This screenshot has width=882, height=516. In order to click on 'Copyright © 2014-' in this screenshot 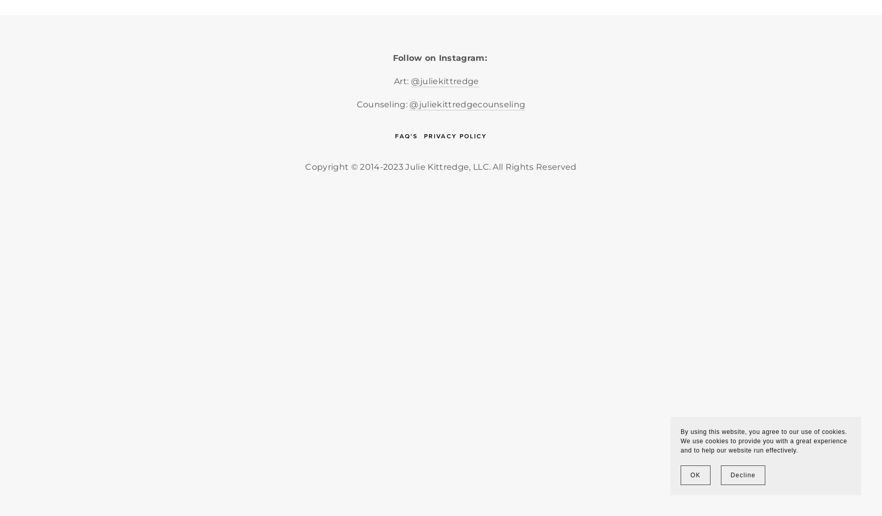, I will do `click(343, 166)`.